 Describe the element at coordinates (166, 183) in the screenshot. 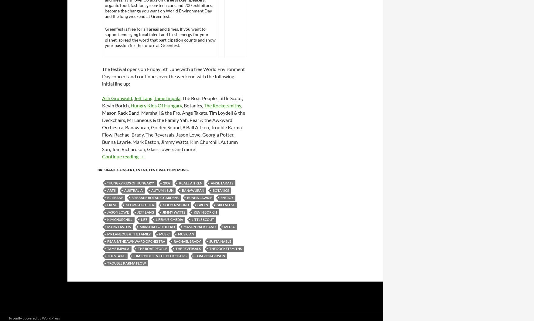

I see `'2009'` at that location.